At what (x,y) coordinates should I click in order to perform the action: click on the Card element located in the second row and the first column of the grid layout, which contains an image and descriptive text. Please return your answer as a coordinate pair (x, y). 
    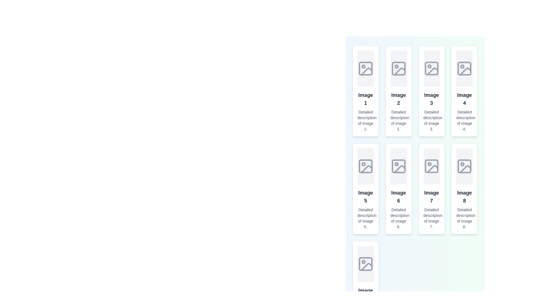
    Looking at the image, I should click on (366, 189).